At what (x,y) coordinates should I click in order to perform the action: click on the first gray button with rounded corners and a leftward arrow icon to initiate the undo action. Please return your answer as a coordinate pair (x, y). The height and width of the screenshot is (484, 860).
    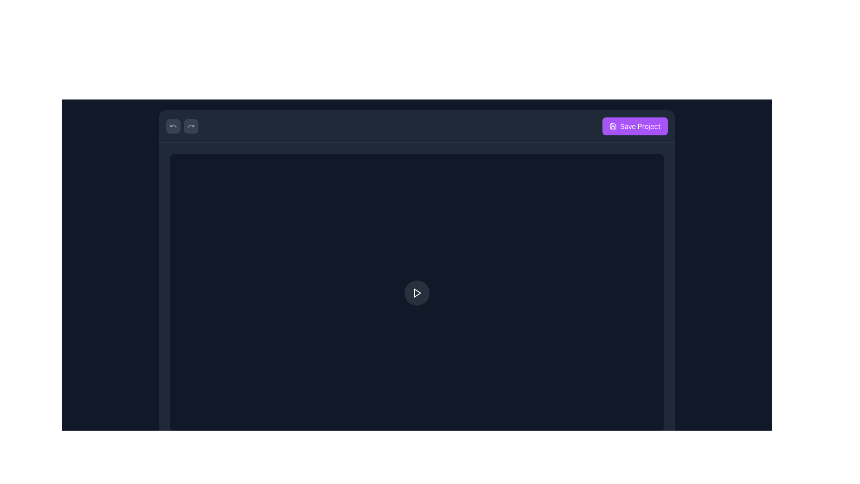
    Looking at the image, I should click on (173, 126).